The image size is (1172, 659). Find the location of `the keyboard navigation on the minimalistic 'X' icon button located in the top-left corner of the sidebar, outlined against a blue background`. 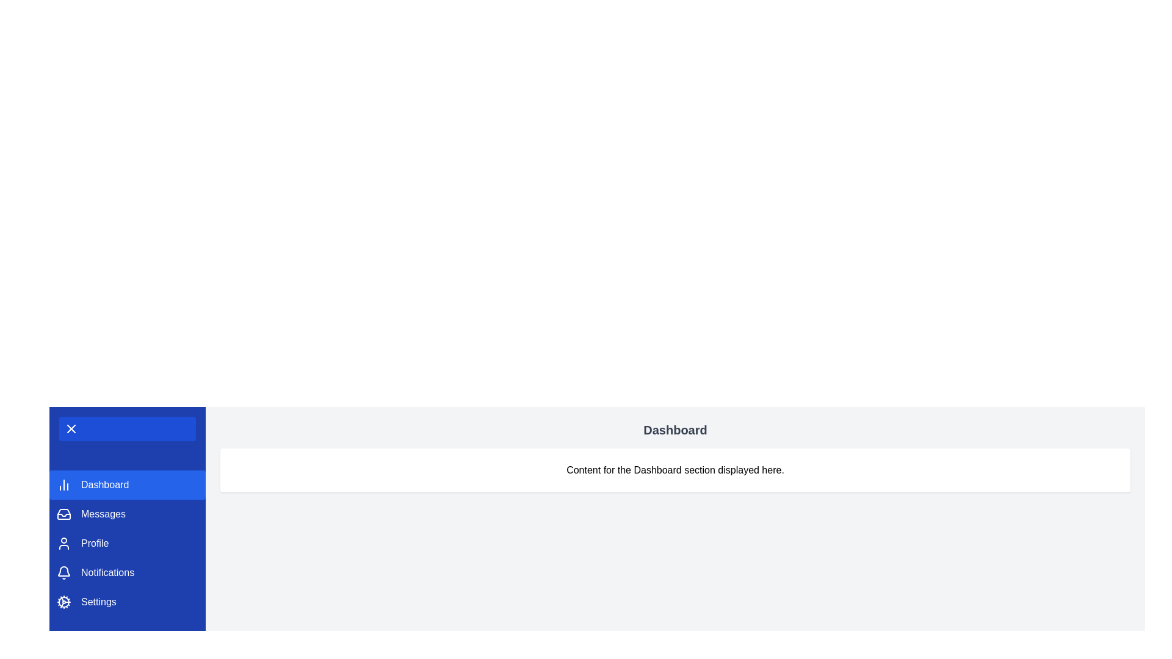

the keyboard navigation on the minimalistic 'X' icon button located in the top-left corner of the sidebar, outlined against a blue background is located at coordinates (70, 428).